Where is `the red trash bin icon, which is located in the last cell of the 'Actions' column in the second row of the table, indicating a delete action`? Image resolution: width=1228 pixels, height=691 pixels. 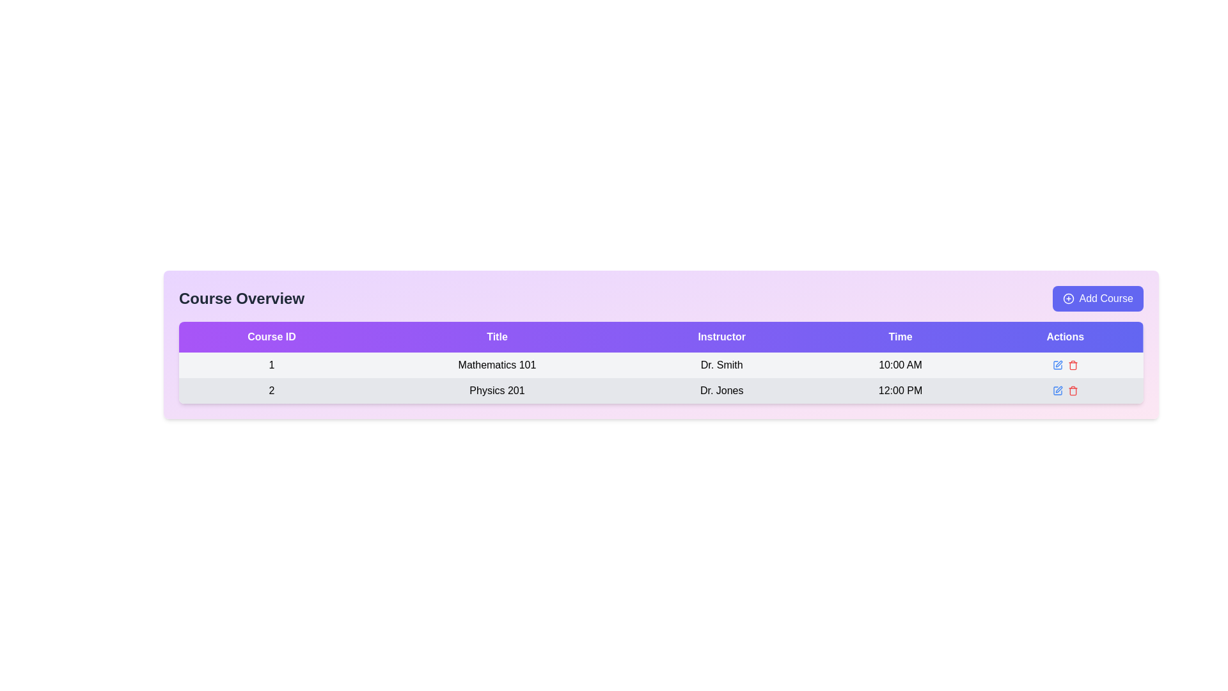 the red trash bin icon, which is located in the last cell of the 'Actions' column in the second row of the table, indicating a delete action is located at coordinates (1073, 390).